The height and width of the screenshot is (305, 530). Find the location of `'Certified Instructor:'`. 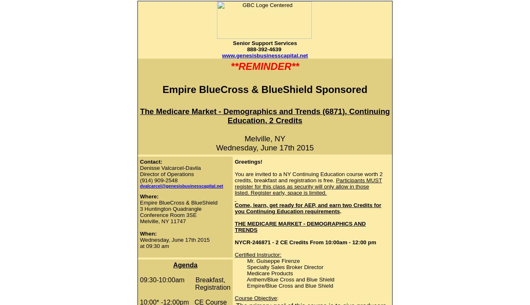

'Certified Instructor:' is located at coordinates (257, 254).